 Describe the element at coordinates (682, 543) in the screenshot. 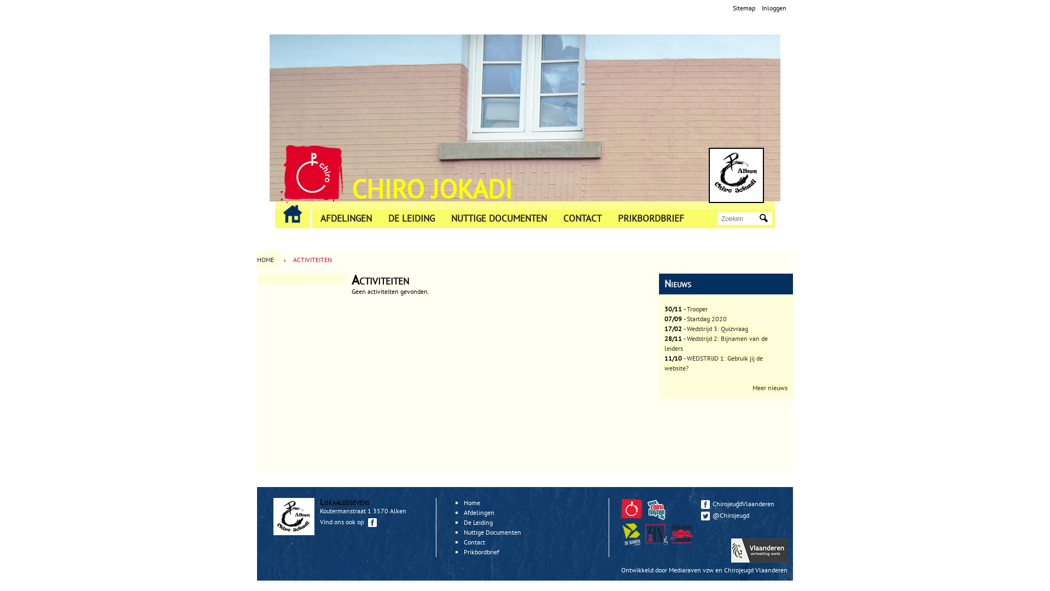

I see `'Zindering'` at that location.